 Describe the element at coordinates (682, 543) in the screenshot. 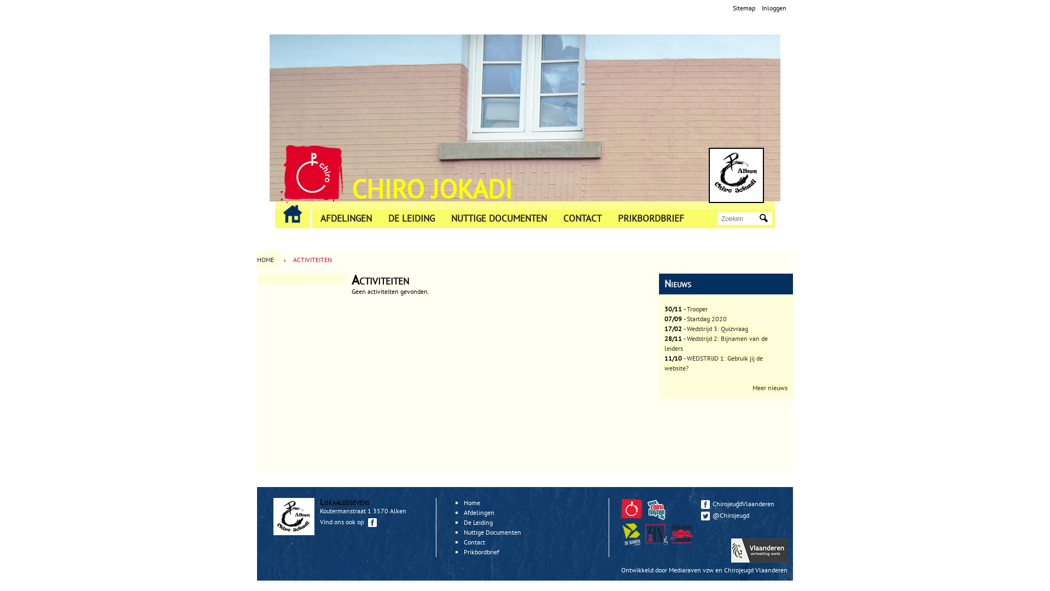

I see `'Zindering'` at that location.